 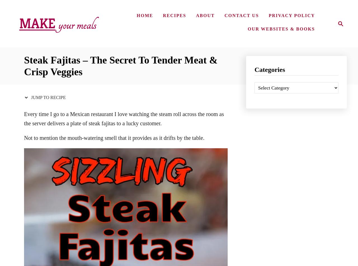 I want to click on 'Categories', so click(x=270, y=69).